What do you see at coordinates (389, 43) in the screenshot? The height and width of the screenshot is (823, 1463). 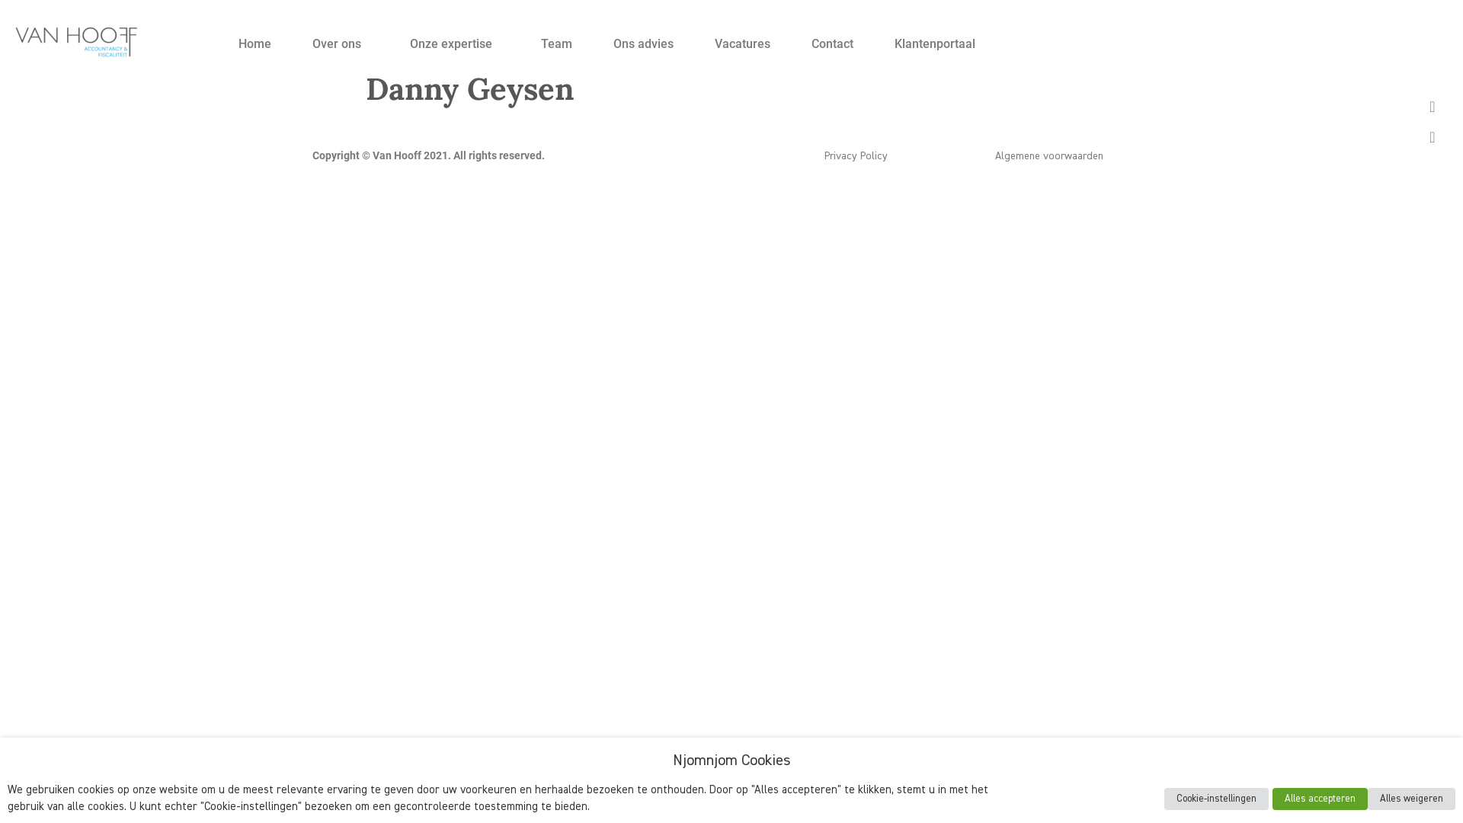 I see `'Onze expertise'` at bounding box center [389, 43].